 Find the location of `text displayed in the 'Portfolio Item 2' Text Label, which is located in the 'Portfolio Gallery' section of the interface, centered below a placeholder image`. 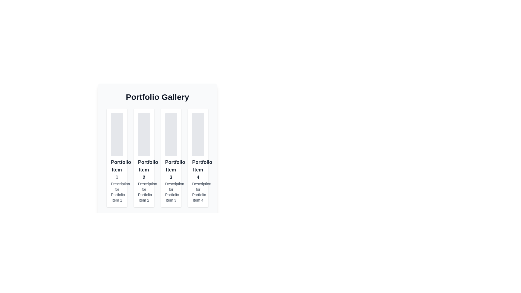

text displayed in the 'Portfolio Item 2' Text Label, which is located in the 'Portfolio Gallery' section of the interface, centered below a placeholder image is located at coordinates (144, 169).